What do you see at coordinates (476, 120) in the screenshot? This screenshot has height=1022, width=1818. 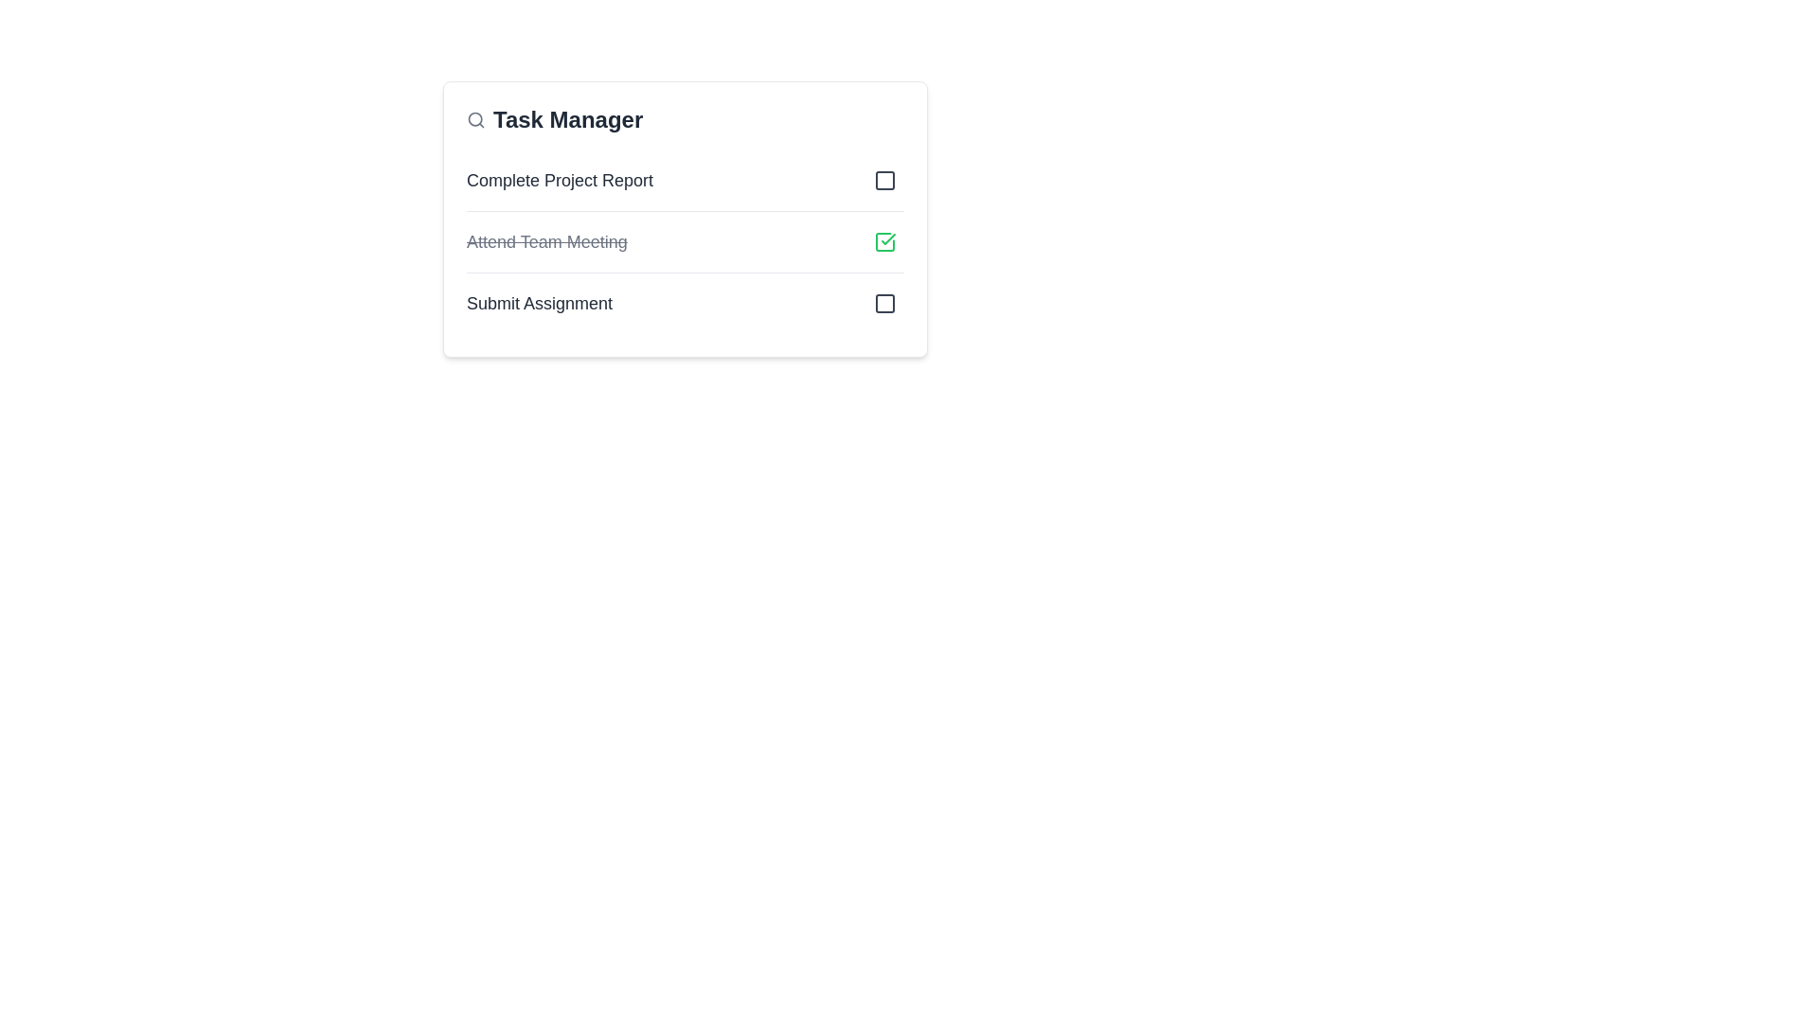 I see `the search icon located` at bounding box center [476, 120].